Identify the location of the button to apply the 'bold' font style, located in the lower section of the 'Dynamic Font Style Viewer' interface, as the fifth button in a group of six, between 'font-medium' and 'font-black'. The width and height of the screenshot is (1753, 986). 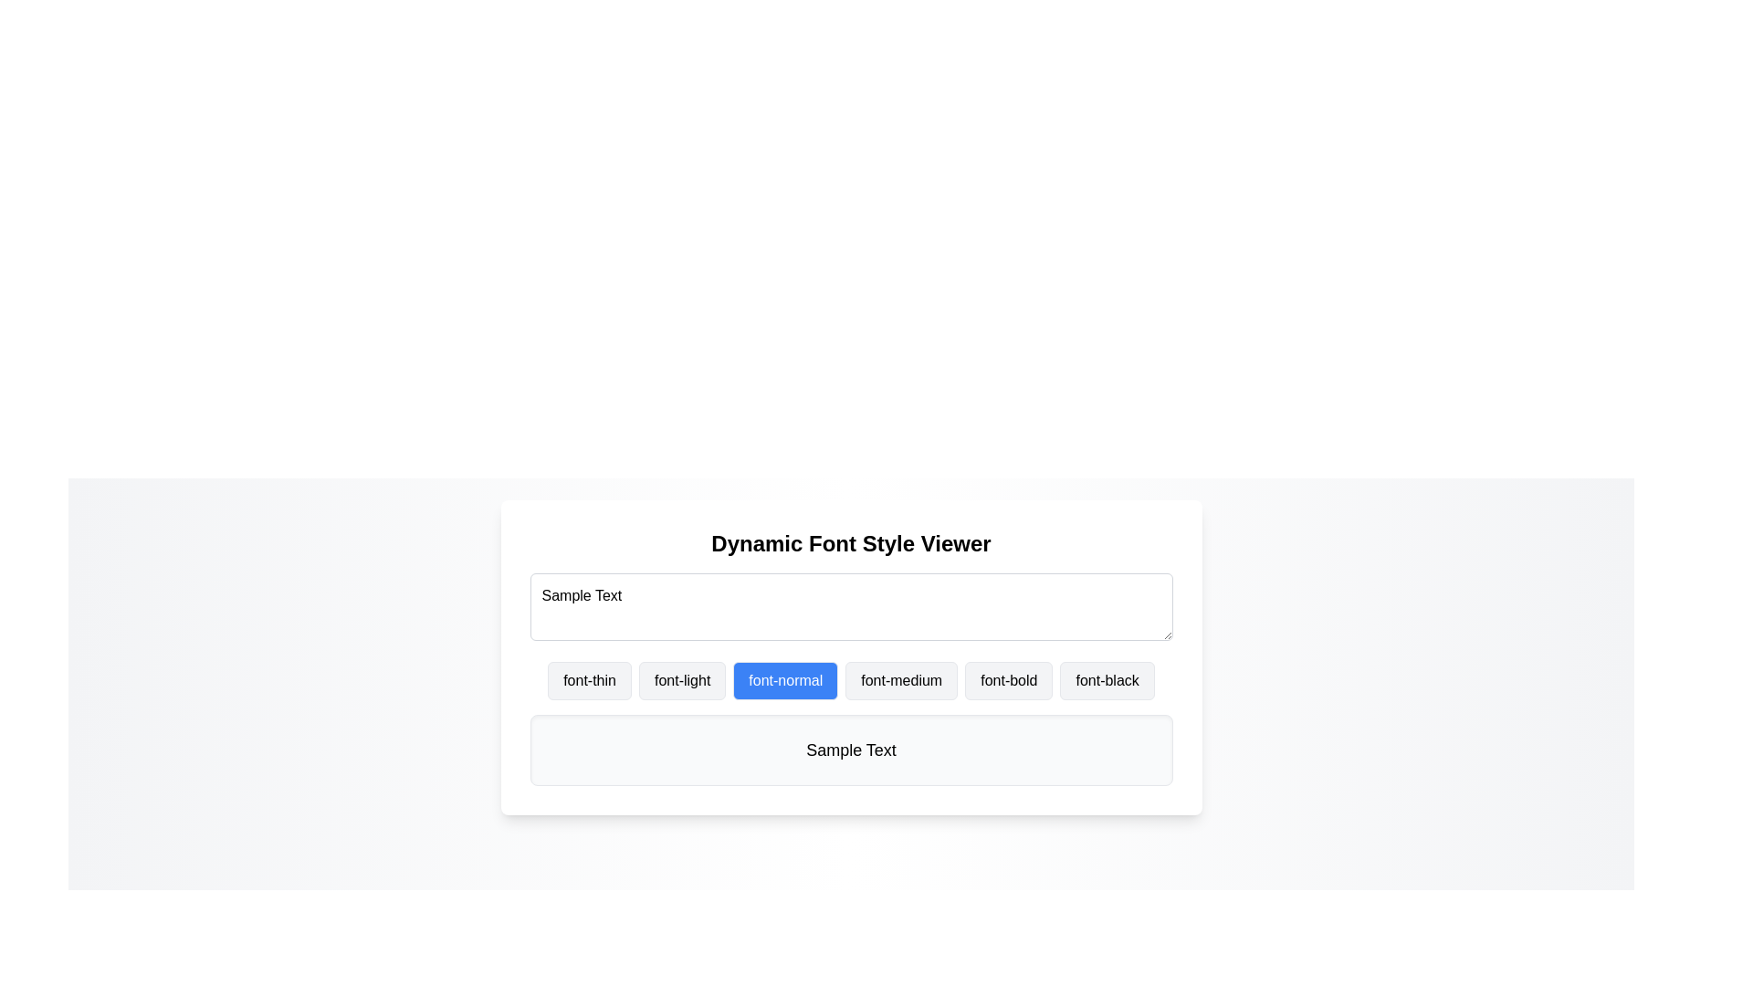
(1008, 680).